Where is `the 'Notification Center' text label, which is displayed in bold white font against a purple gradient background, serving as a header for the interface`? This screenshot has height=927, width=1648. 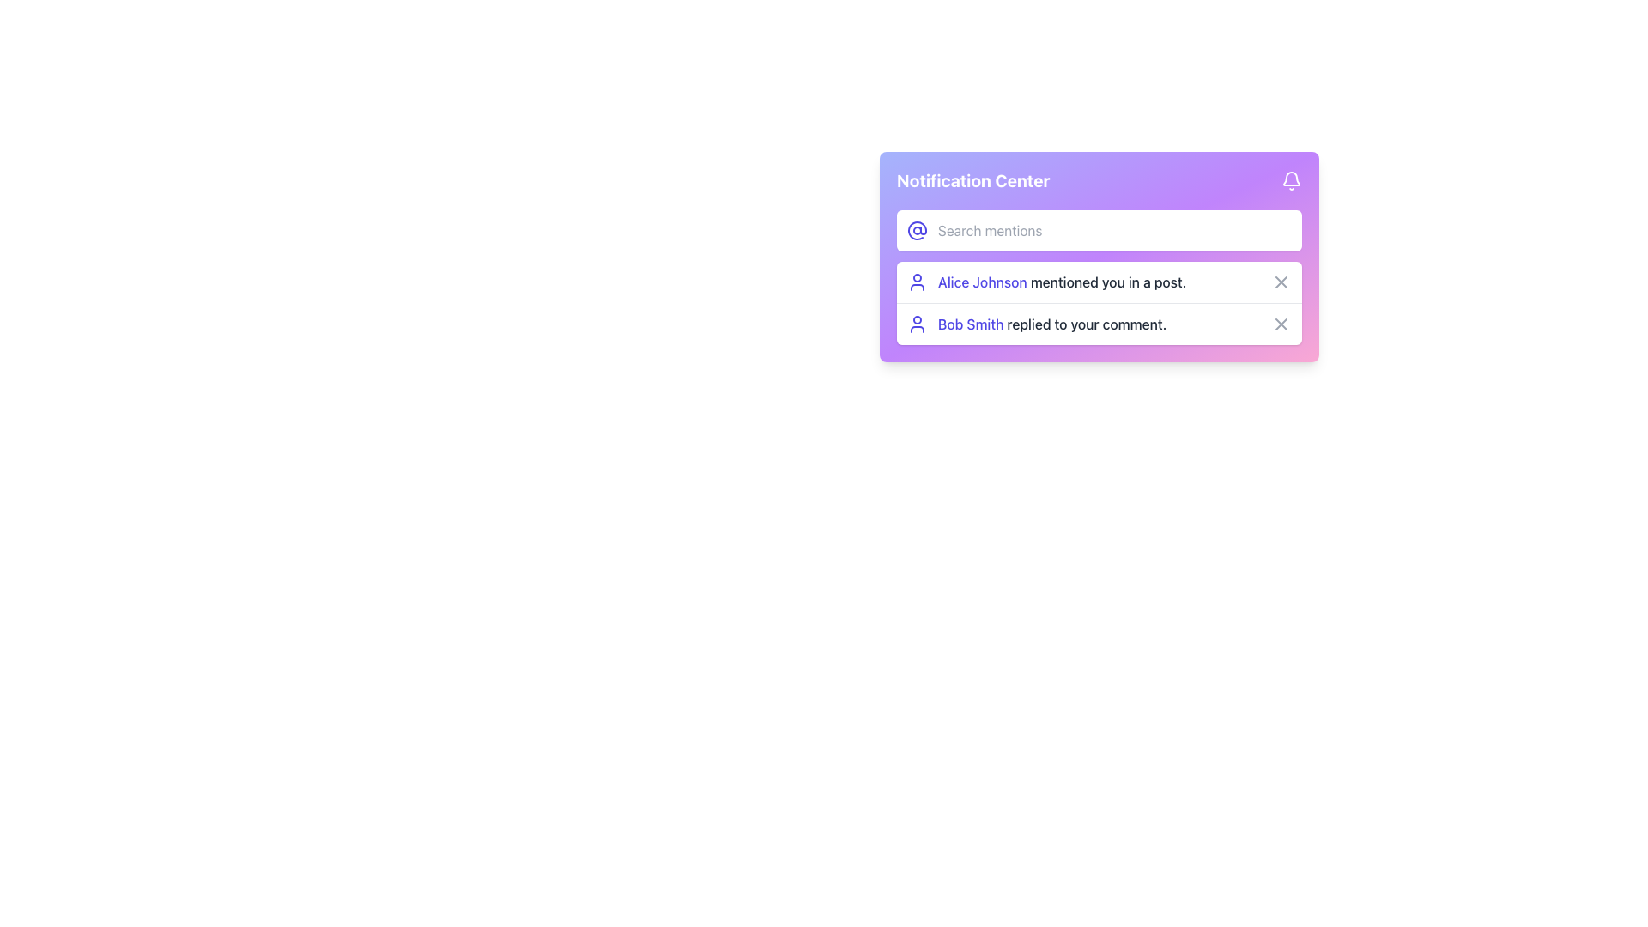
the 'Notification Center' text label, which is displayed in bold white font against a purple gradient background, serving as a header for the interface is located at coordinates (972, 181).